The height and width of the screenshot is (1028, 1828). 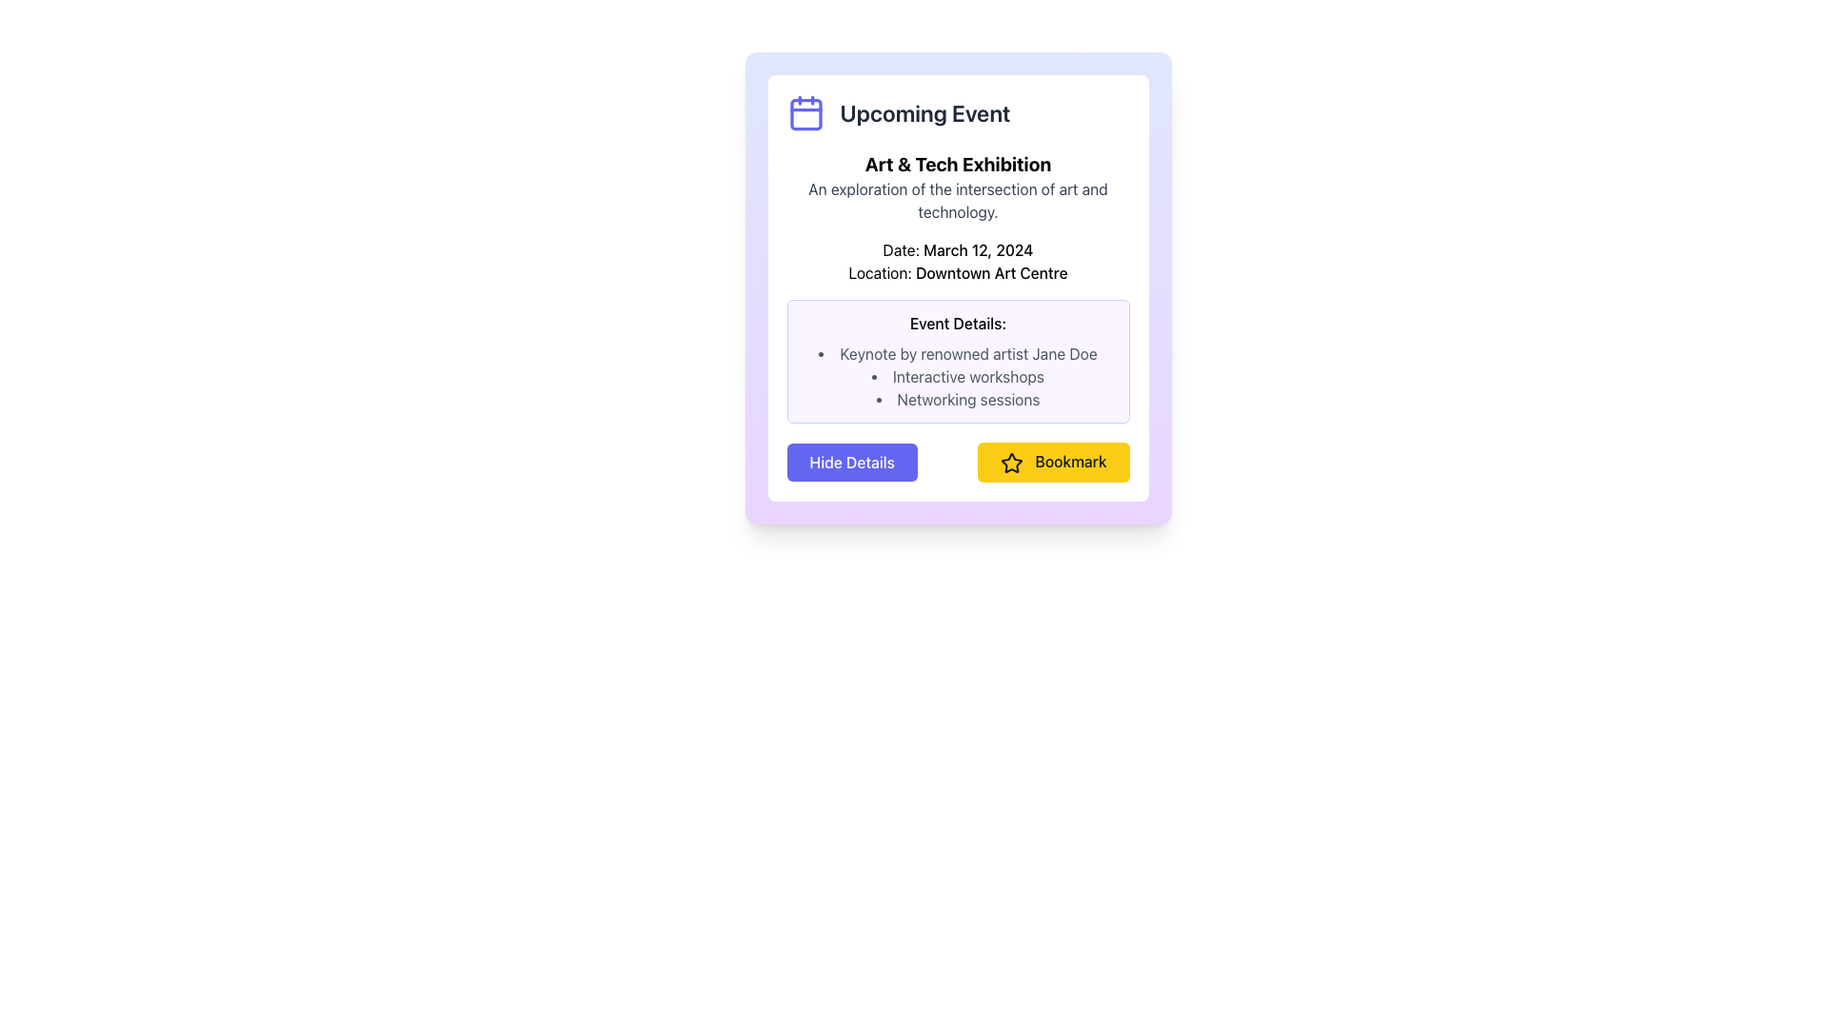 I want to click on the text label 'Event Details:' which is styled in bold and serves as a heading for the event details section, so click(x=958, y=322).